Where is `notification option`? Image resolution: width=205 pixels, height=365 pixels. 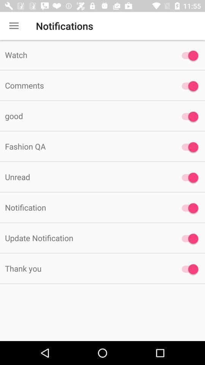 notification option is located at coordinates (188, 208).